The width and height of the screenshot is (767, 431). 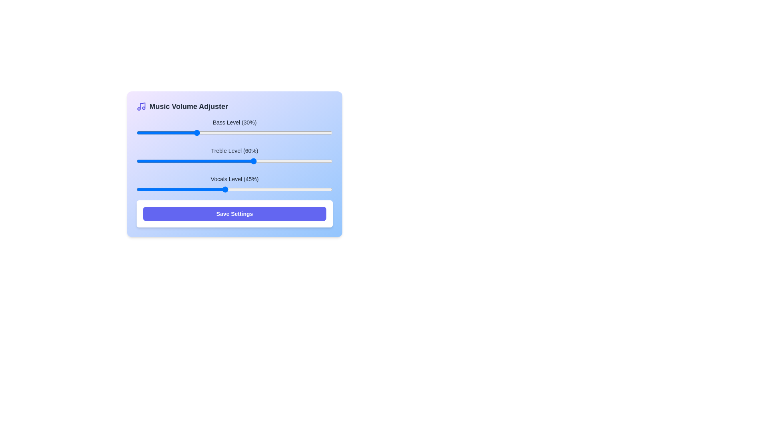 What do you see at coordinates (234, 123) in the screenshot?
I see `the text label indicating the bass level setting (30%) located above the slider control in the card-like interface` at bounding box center [234, 123].